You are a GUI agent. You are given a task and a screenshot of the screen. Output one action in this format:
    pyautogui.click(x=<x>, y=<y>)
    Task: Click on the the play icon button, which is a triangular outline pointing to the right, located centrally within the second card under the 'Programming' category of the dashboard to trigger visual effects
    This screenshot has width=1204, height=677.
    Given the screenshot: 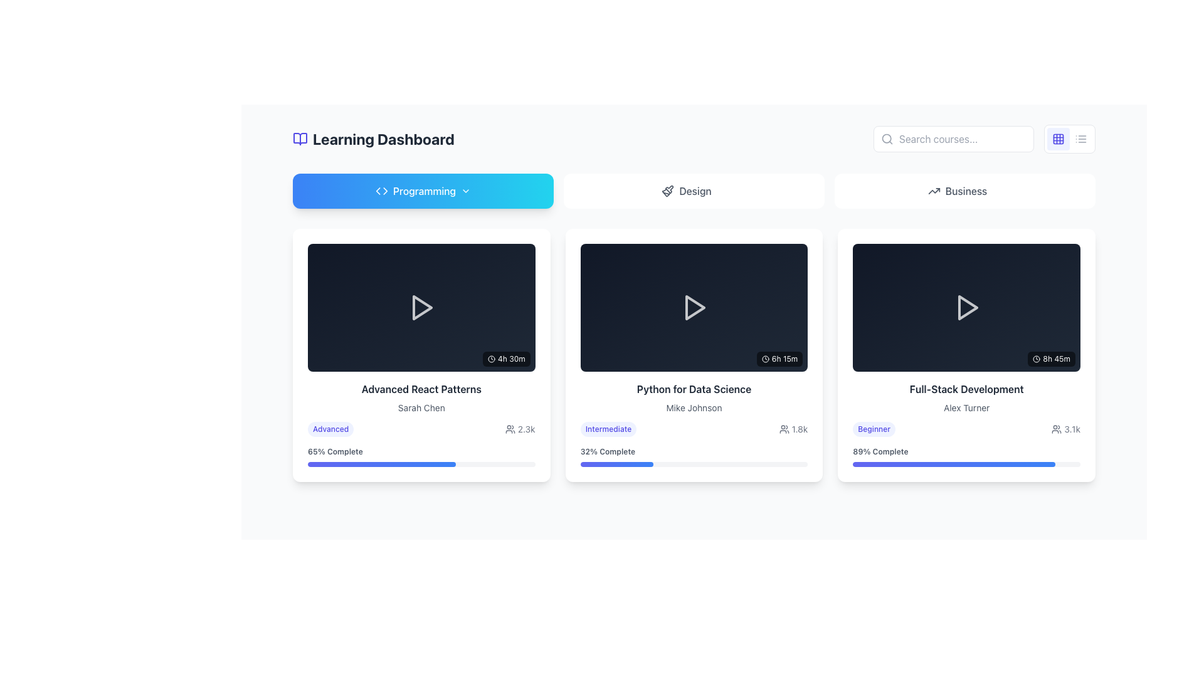 What is the action you would take?
    pyautogui.click(x=694, y=307)
    